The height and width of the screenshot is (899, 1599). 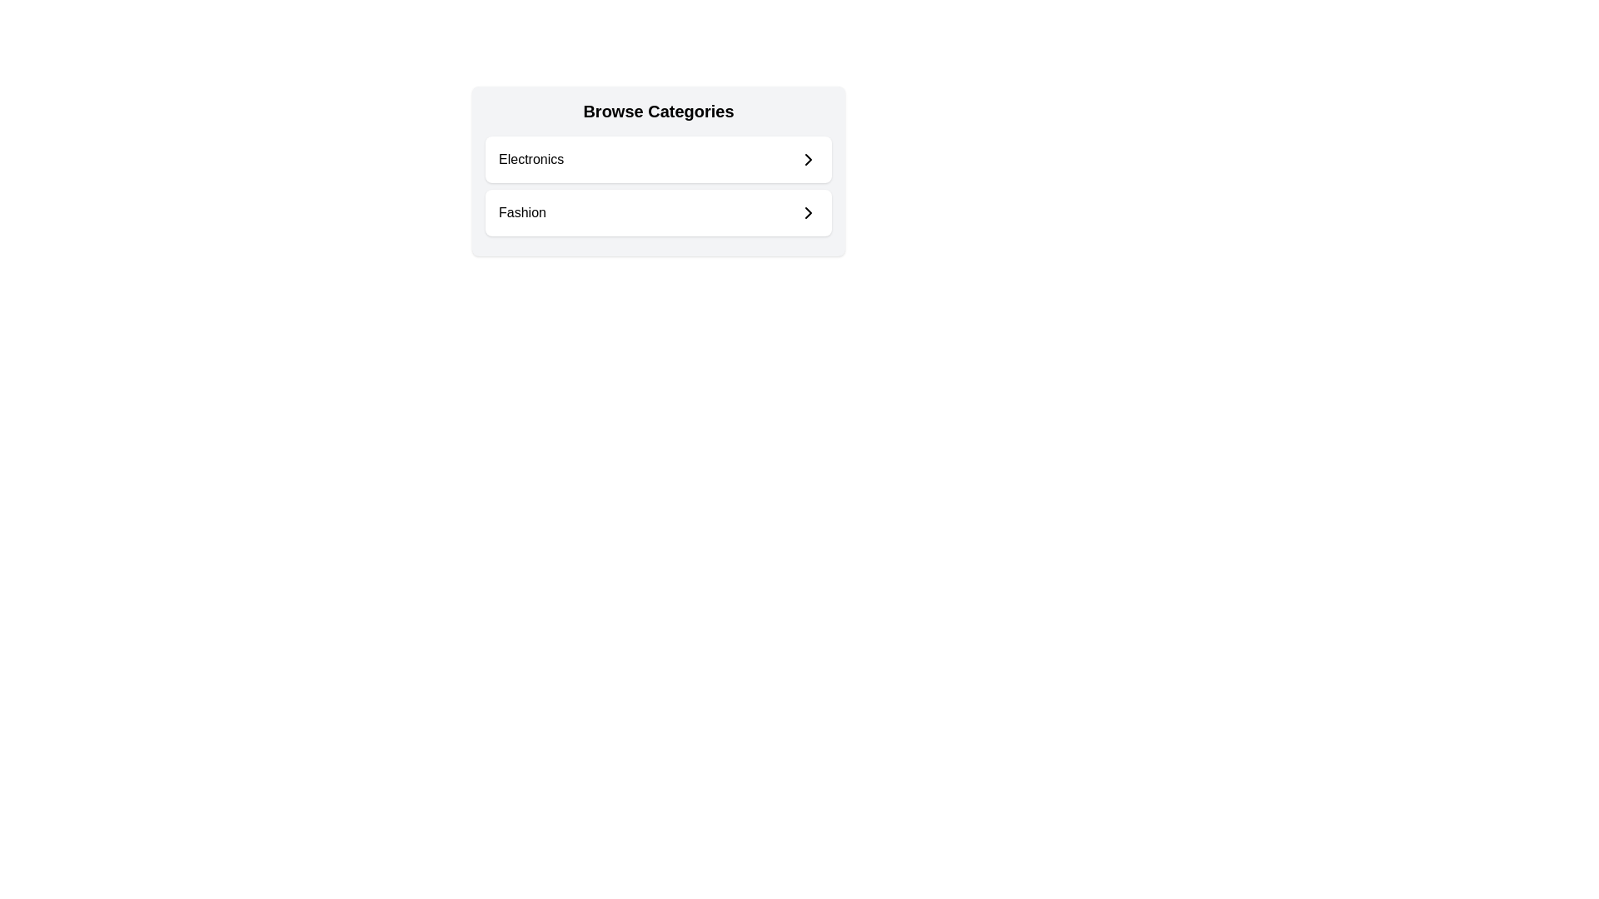 What do you see at coordinates (531, 160) in the screenshot?
I see `the 'Electronics' text label` at bounding box center [531, 160].